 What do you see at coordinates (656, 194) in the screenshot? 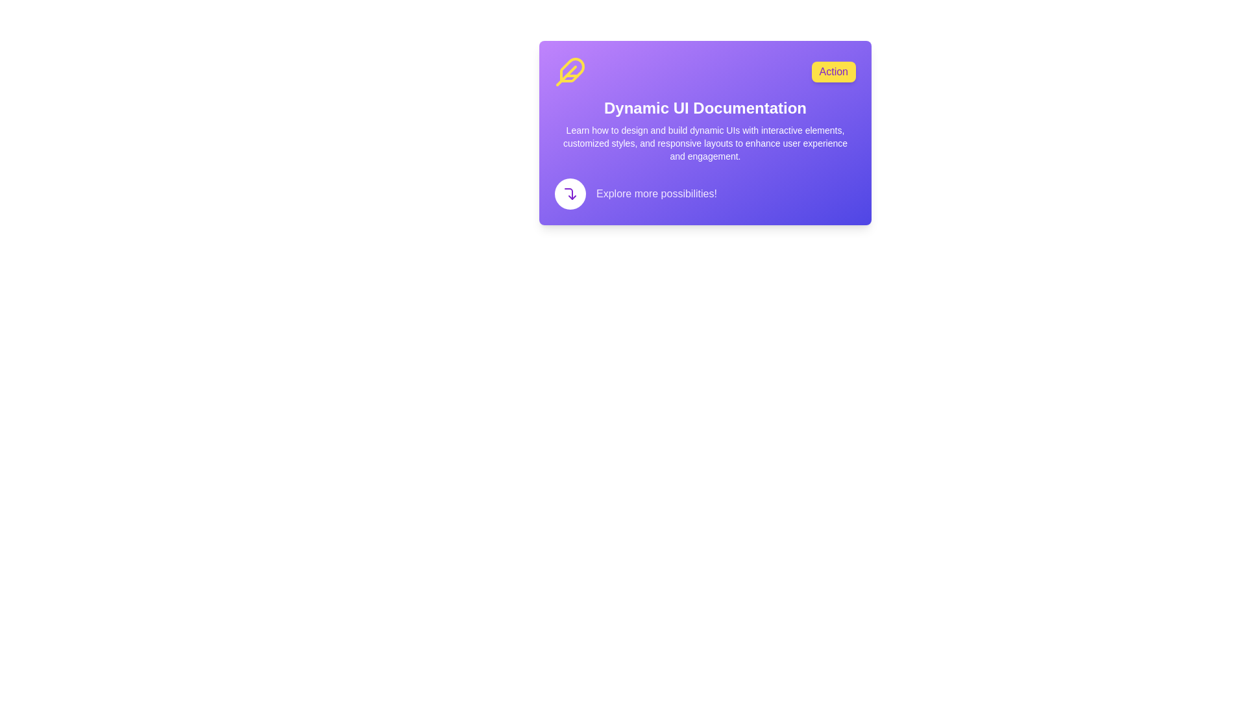
I see `the informational label located in the bottom-left portion of the purple card, positioned to the right of the curved arrow icon` at bounding box center [656, 194].